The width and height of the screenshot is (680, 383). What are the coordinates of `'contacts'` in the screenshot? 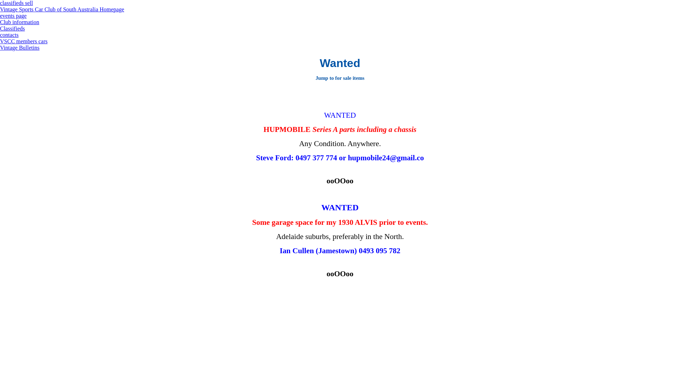 It's located at (9, 35).